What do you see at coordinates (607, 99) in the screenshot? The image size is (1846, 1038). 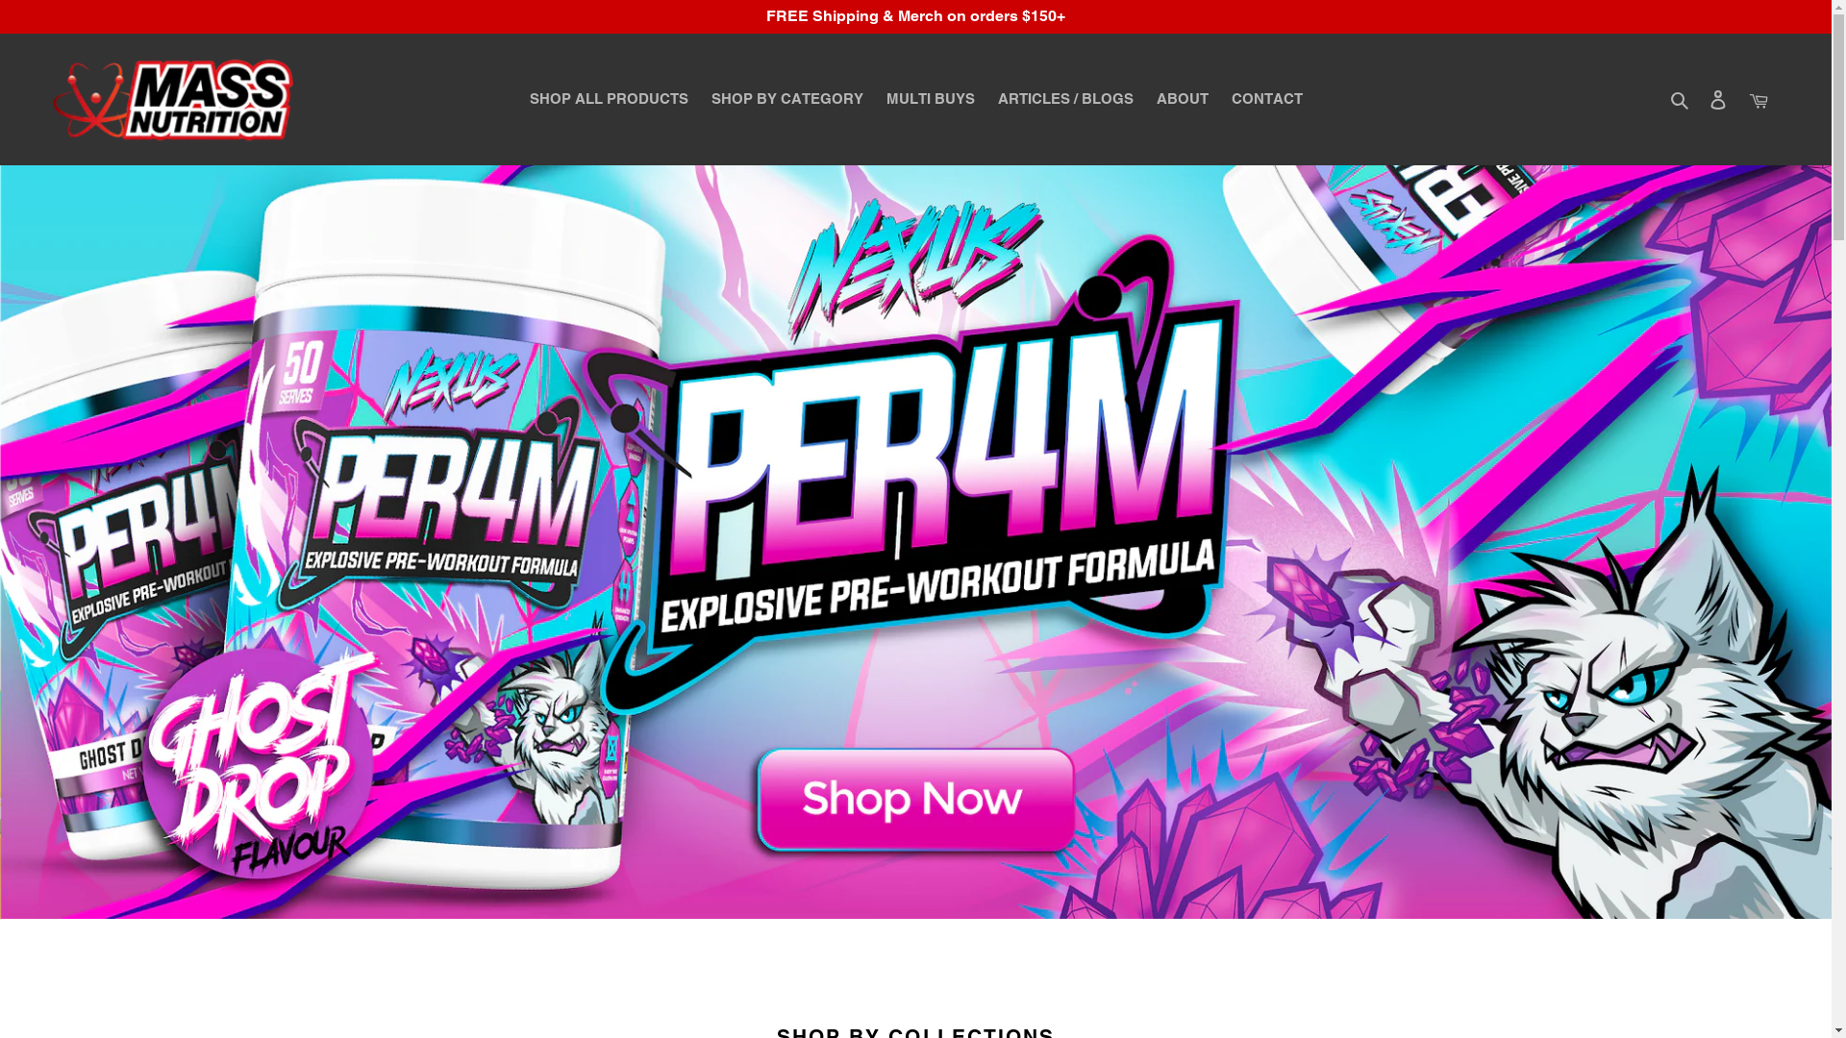 I see `'SHOP ALL PRODUCTS'` at bounding box center [607, 99].